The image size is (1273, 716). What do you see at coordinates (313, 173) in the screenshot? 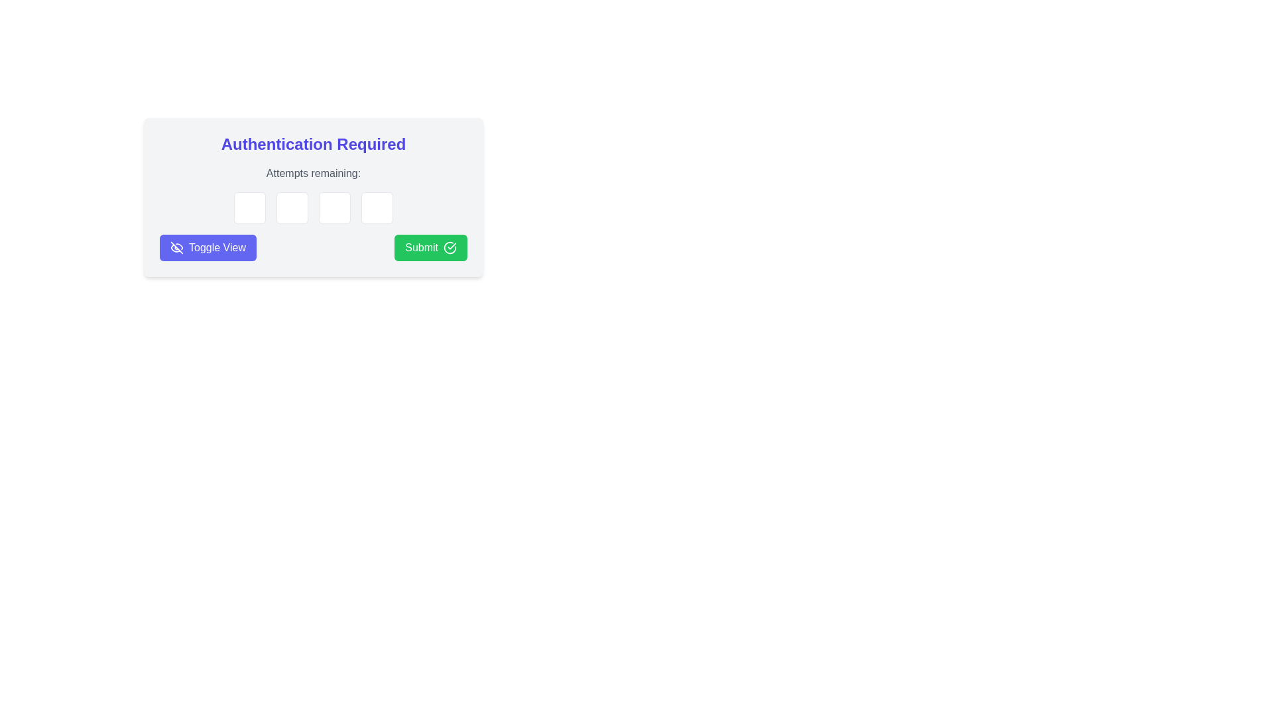
I see `the text label that displays 'Attempts remaining:' styled in gray font, located below the heading 'Authentication Required'` at bounding box center [313, 173].